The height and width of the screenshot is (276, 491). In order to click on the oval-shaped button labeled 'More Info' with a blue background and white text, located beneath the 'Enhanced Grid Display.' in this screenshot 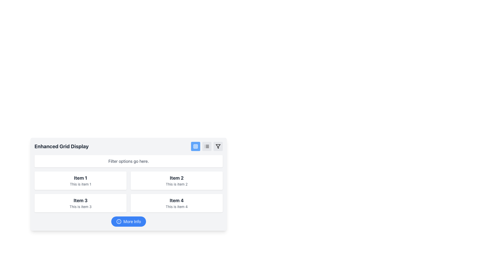, I will do `click(129, 221)`.